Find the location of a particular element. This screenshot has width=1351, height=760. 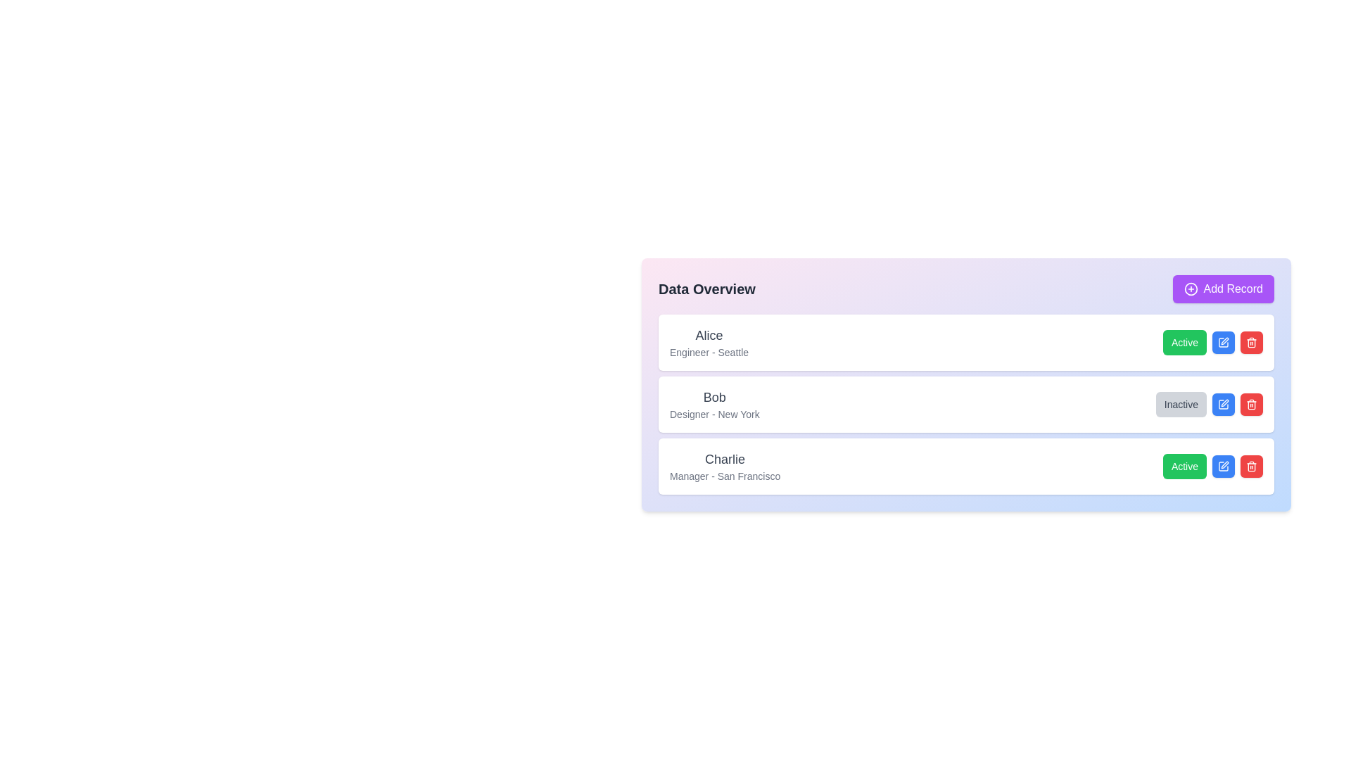

the delete button with a trash can icon, which is the third button in a row of three buttons, styled with a red background and white icon is located at coordinates (1252, 342).